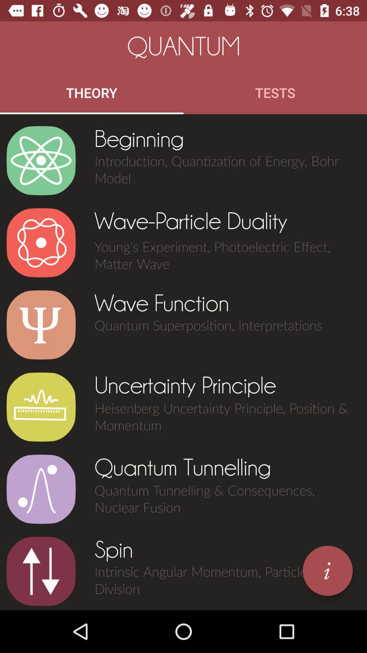  Describe the element at coordinates (327, 571) in the screenshot. I see `for more infringement` at that location.